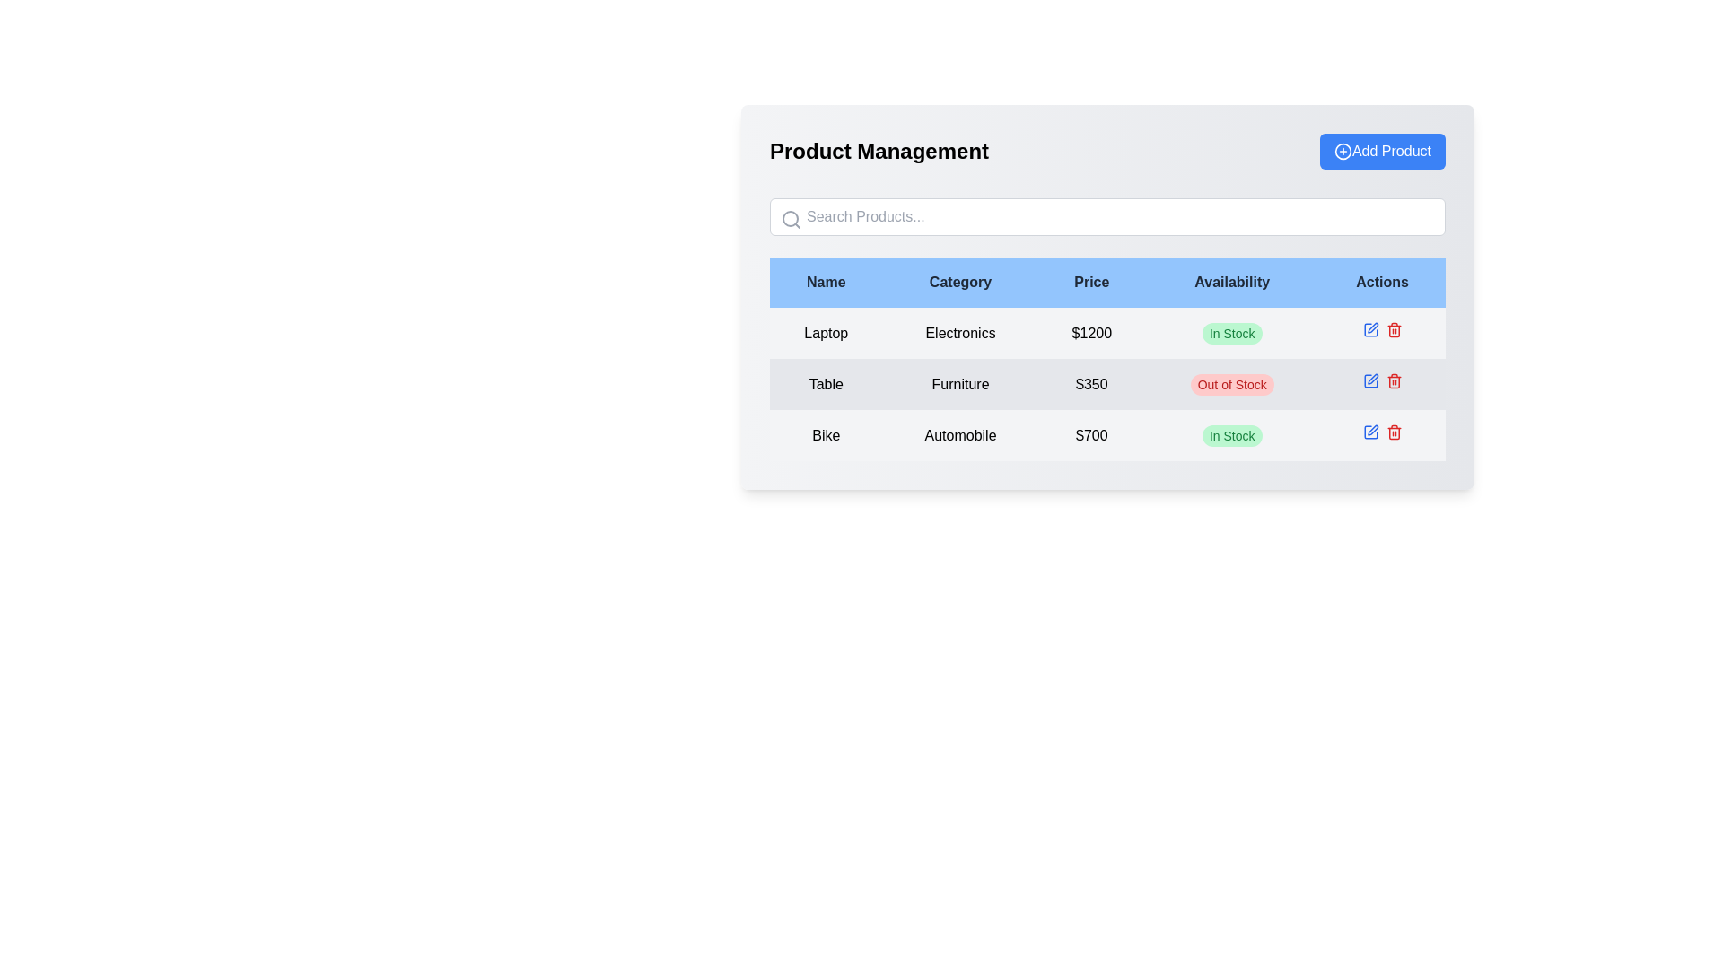 This screenshot has width=1723, height=969. Describe the element at coordinates (1369, 329) in the screenshot. I see `the edit button for the 'Laptop' item located in the 'Actions' column of the first row in the data table to initiate editing` at that location.